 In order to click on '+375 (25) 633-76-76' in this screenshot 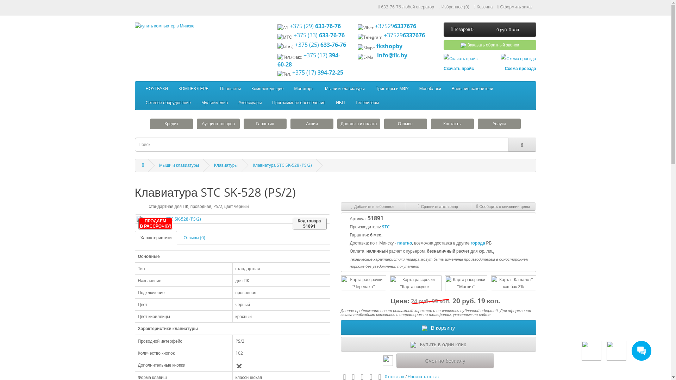, I will do `click(320, 45)`.